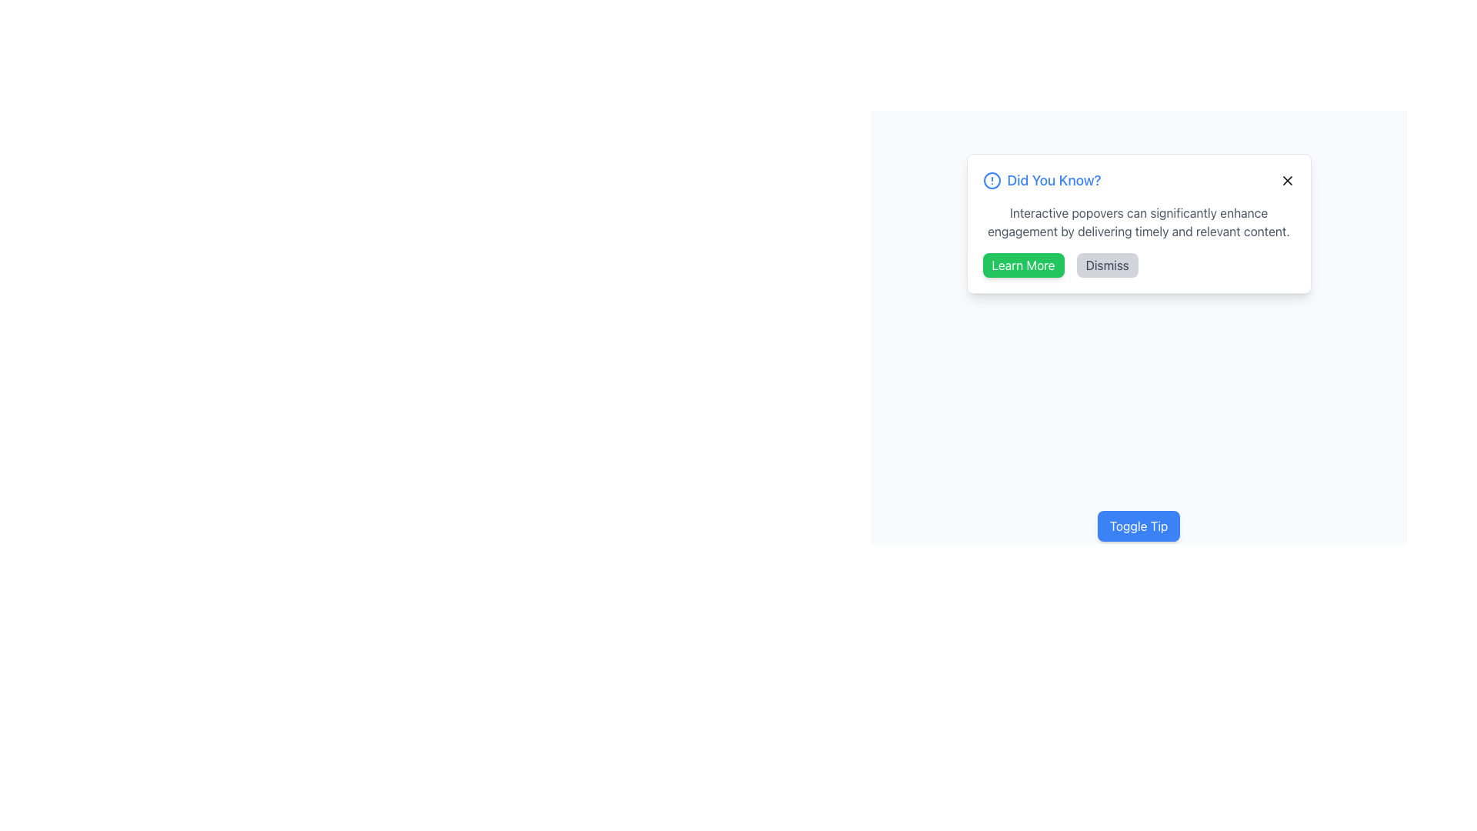 The height and width of the screenshot is (831, 1477). Describe the element at coordinates (992, 180) in the screenshot. I see `the circle icon, which is part of an SVG graphic, located near the left edge of the dialog box's title section, to the left of the 'Did You Know?' text` at that location.